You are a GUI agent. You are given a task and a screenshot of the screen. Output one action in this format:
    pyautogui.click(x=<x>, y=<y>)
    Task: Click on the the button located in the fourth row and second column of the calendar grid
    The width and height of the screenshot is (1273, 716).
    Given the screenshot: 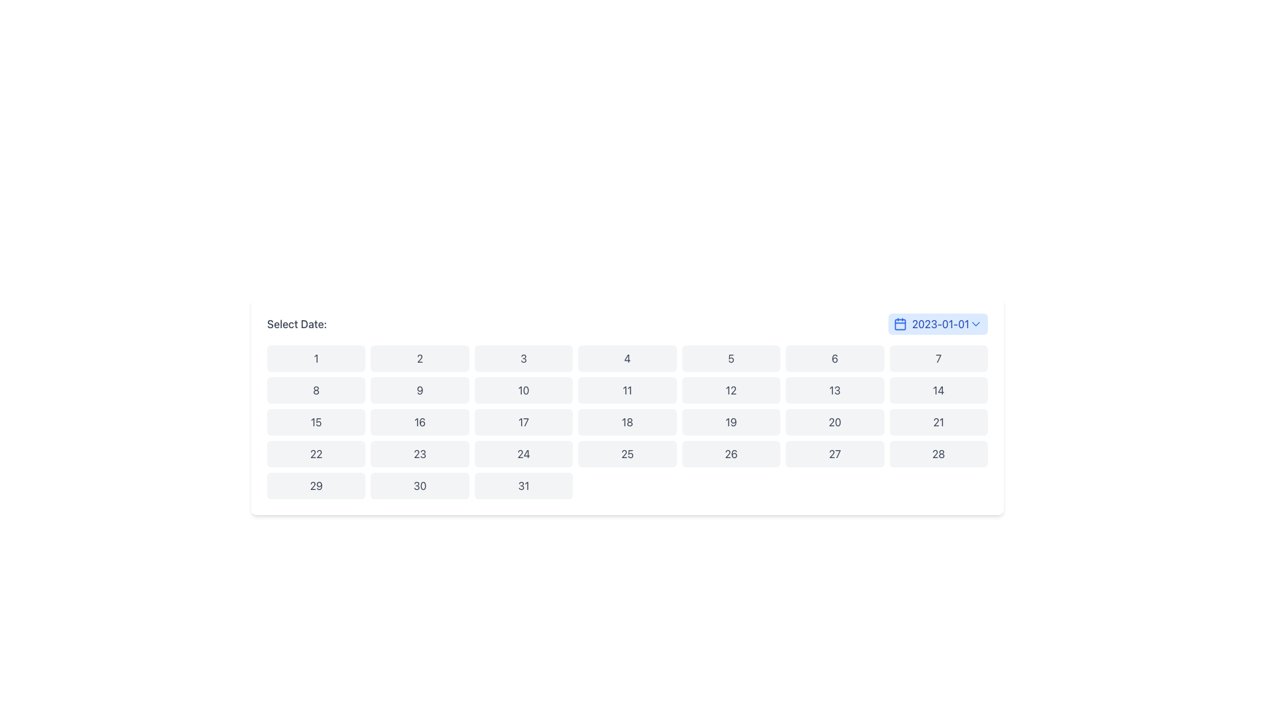 What is the action you would take?
    pyautogui.click(x=419, y=453)
    